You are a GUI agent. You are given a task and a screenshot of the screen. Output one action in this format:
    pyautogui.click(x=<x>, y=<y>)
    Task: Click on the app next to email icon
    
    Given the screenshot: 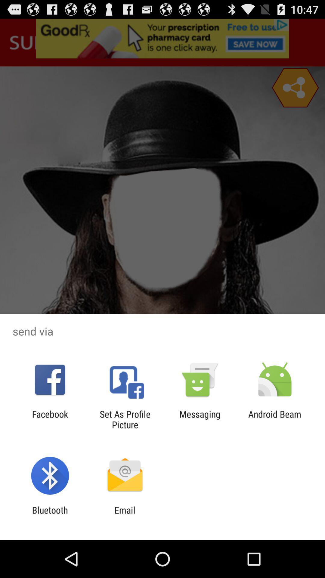 What is the action you would take?
    pyautogui.click(x=50, y=515)
    